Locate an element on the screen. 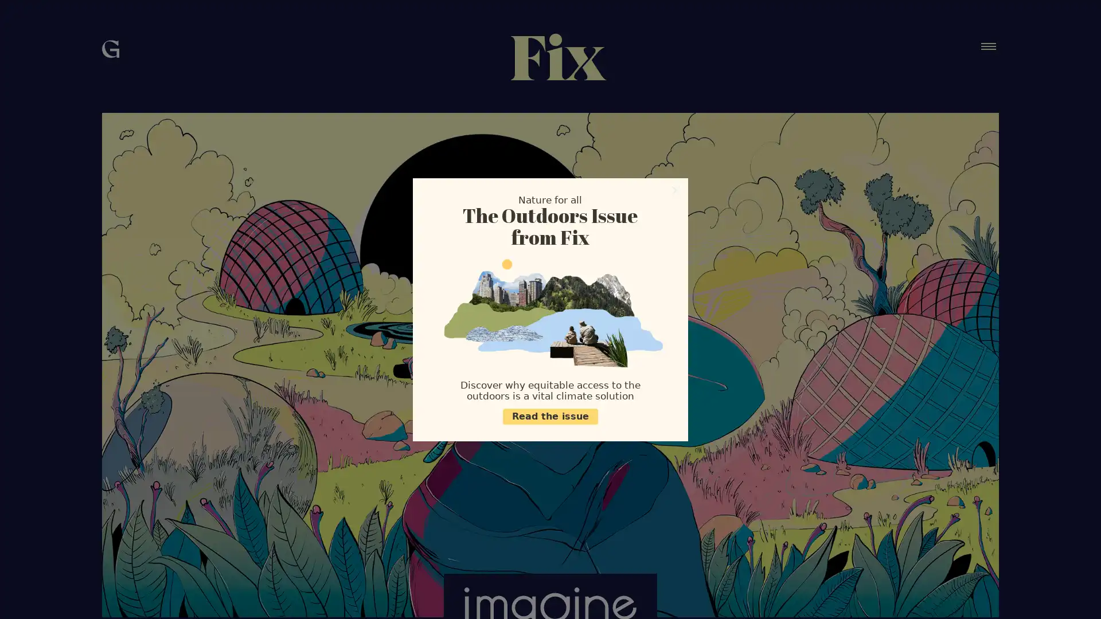  Open menu is located at coordinates (987, 45).